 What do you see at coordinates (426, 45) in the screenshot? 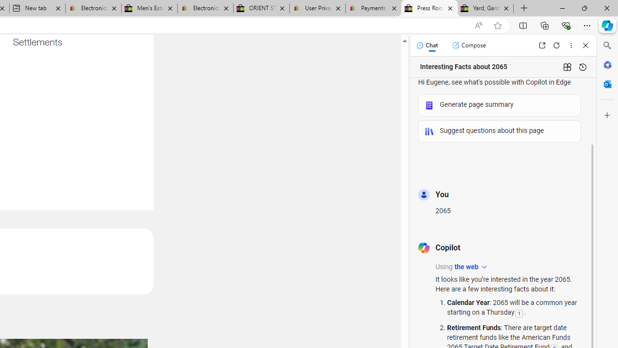
I see `'Chat'` at bounding box center [426, 45].